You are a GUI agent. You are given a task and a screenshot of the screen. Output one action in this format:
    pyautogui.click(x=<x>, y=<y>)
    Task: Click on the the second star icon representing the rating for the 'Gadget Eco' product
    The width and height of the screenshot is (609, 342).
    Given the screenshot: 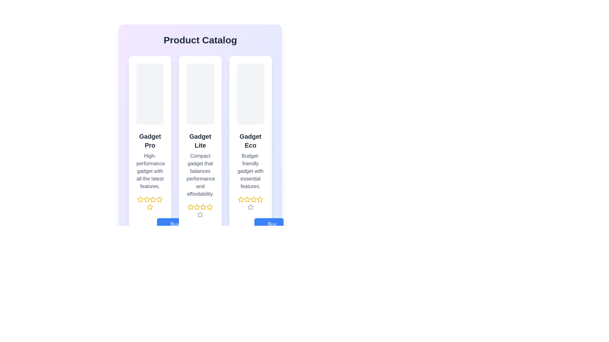 What is the action you would take?
    pyautogui.click(x=240, y=199)
    